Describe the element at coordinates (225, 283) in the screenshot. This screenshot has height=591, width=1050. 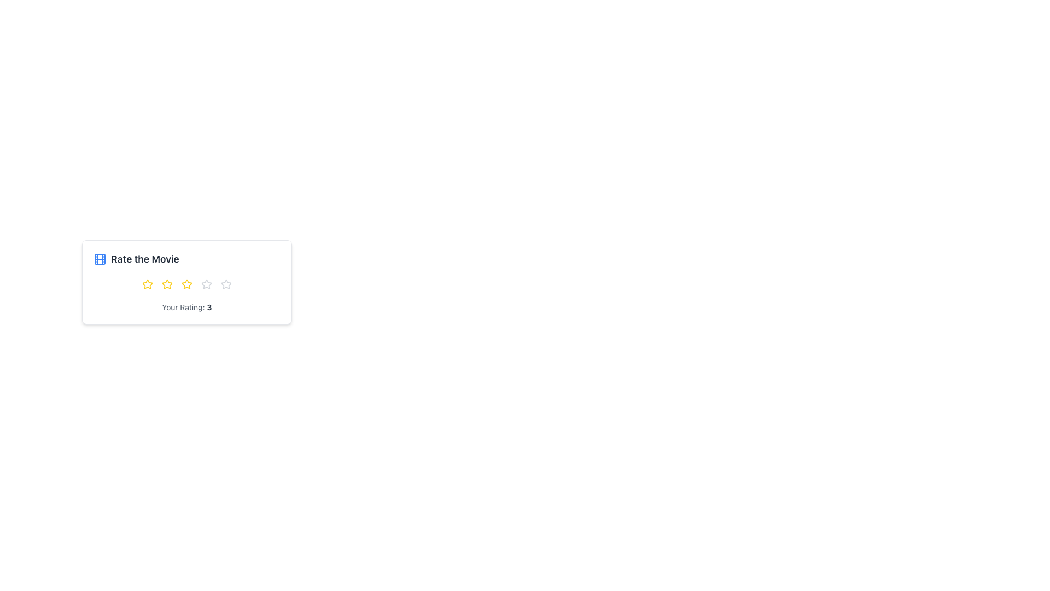
I see `the fifth star icon in the horizontal sequence of five stars, located below the title 'Rate the Movie', to rate it` at that location.